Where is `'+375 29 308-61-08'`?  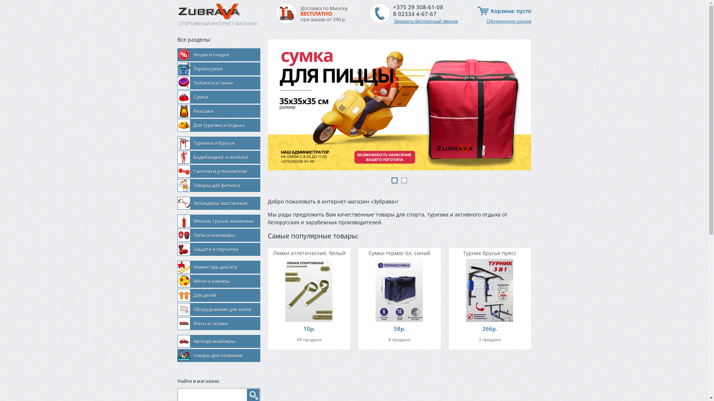 '+375 29 308-61-08' is located at coordinates (418, 7).